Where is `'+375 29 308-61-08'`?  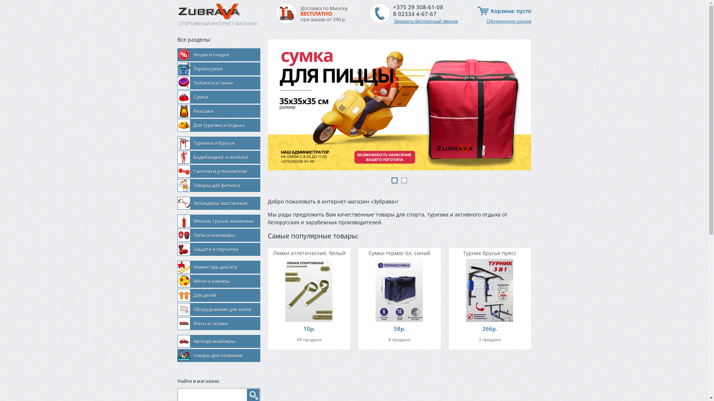 '+375 29 308-61-08' is located at coordinates (418, 7).